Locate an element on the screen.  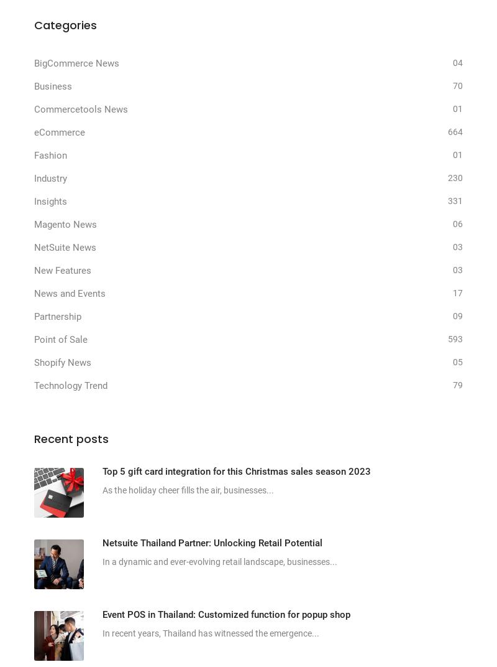
'In recent years, Thailand has witnessed the emergence...' is located at coordinates (102, 633).